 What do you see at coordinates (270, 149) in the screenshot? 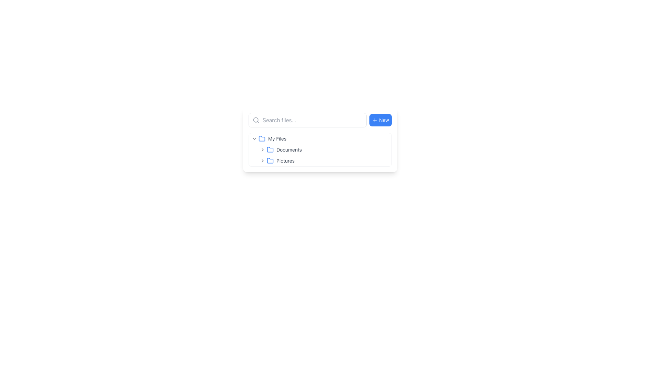
I see `the folder icon representing 'My Files' in the file hierarchy panel, which is the primary graphical representation of the folder located before the text label` at bounding box center [270, 149].